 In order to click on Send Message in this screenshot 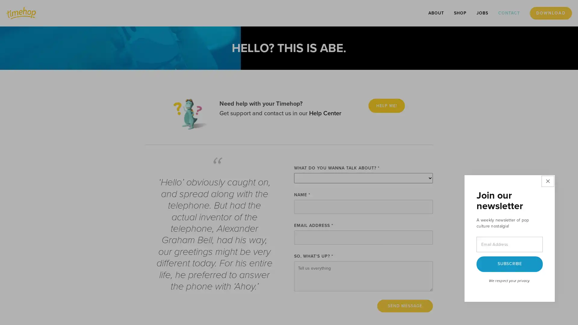, I will do `click(405, 305)`.